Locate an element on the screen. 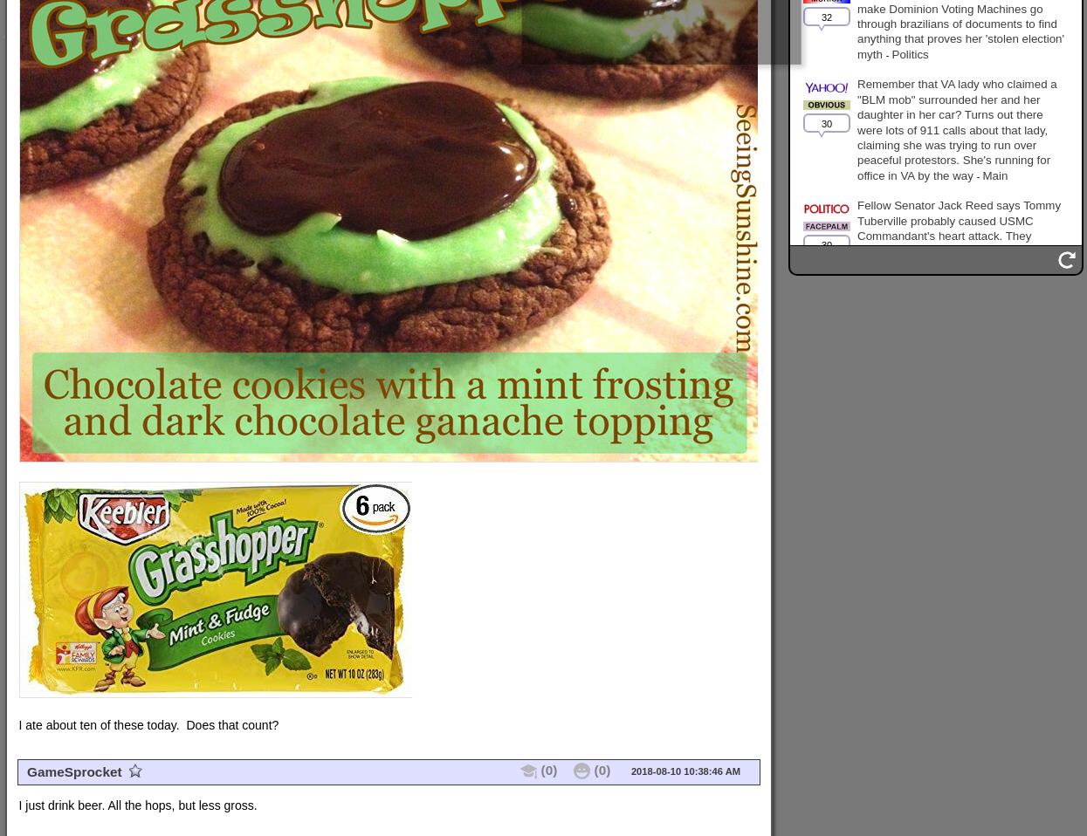 The height and width of the screenshot is (836, 1087). '29' is located at coordinates (826, 335).